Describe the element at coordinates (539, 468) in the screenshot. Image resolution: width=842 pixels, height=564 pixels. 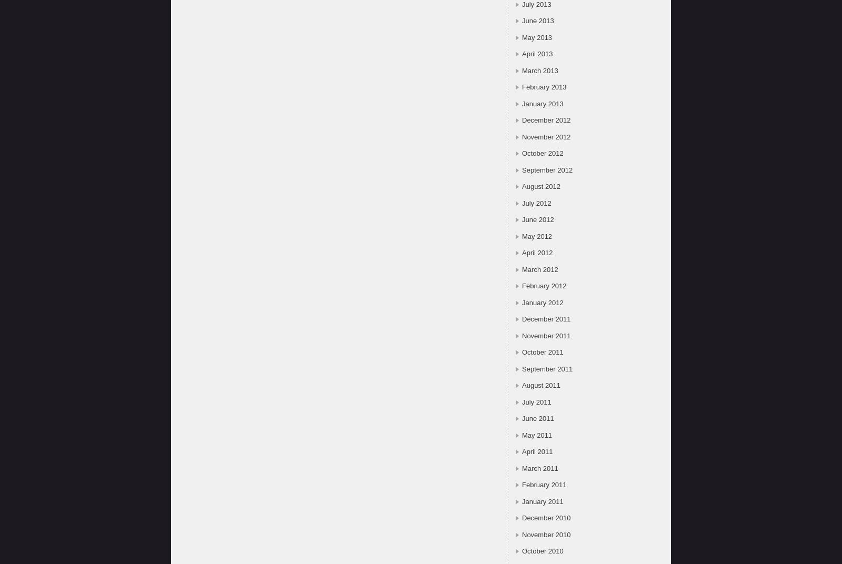
I see `'March 2011'` at that location.